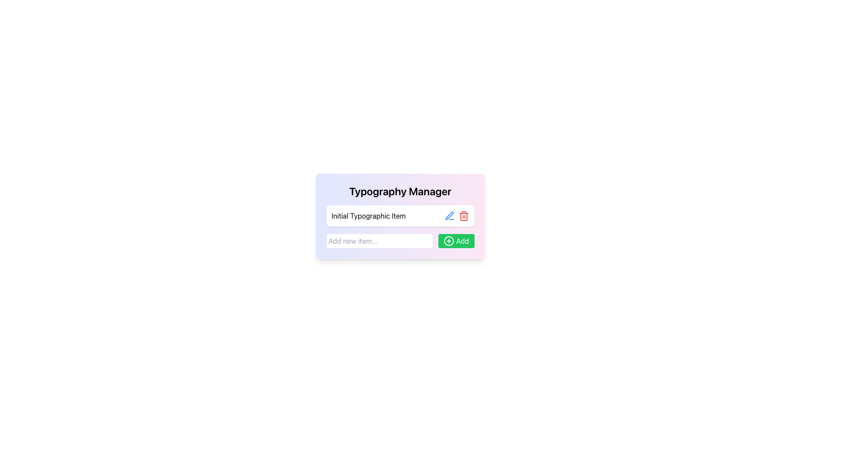 The image size is (846, 476). I want to click on the green rectangular button labeled 'Add' with a plus icon, so click(456, 241).